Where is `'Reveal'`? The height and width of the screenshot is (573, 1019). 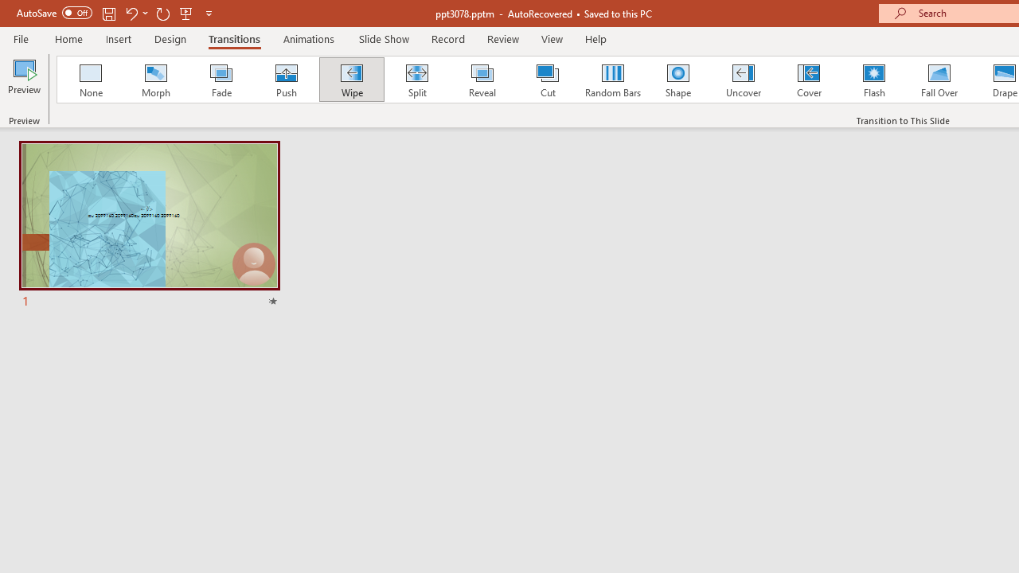 'Reveal' is located at coordinates (481, 80).